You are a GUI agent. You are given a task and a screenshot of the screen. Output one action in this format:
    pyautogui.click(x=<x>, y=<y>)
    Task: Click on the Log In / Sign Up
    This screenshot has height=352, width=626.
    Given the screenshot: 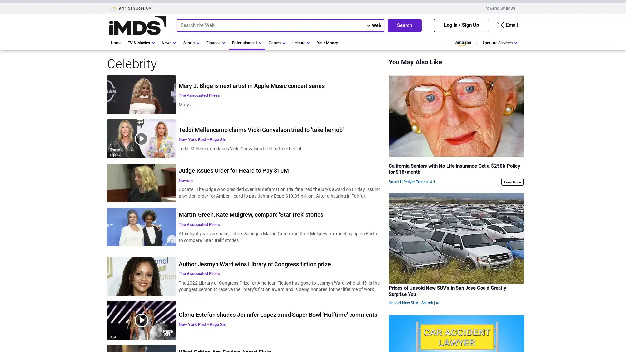 What is the action you would take?
    pyautogui.click(x=461, y=25)
    